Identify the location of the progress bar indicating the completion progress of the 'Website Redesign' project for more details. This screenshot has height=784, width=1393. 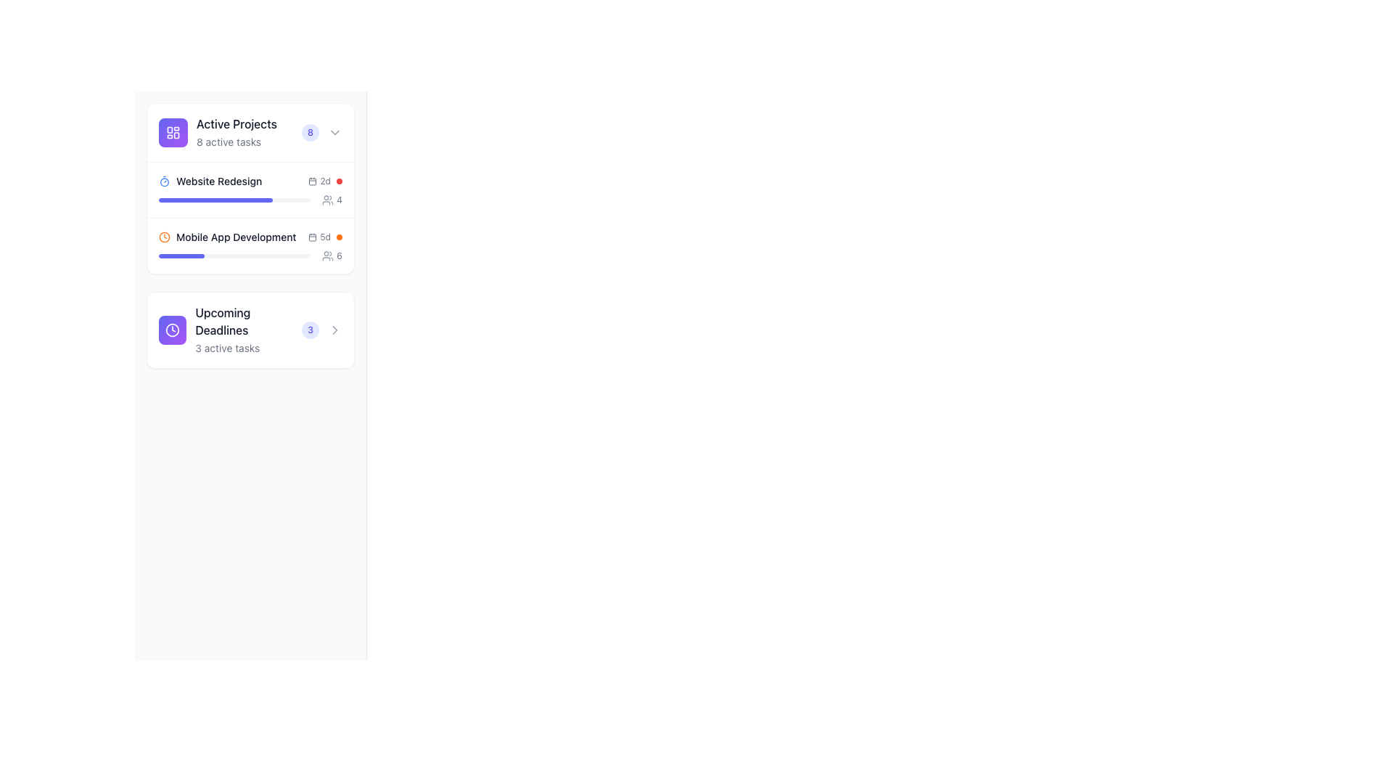
(234, 200).